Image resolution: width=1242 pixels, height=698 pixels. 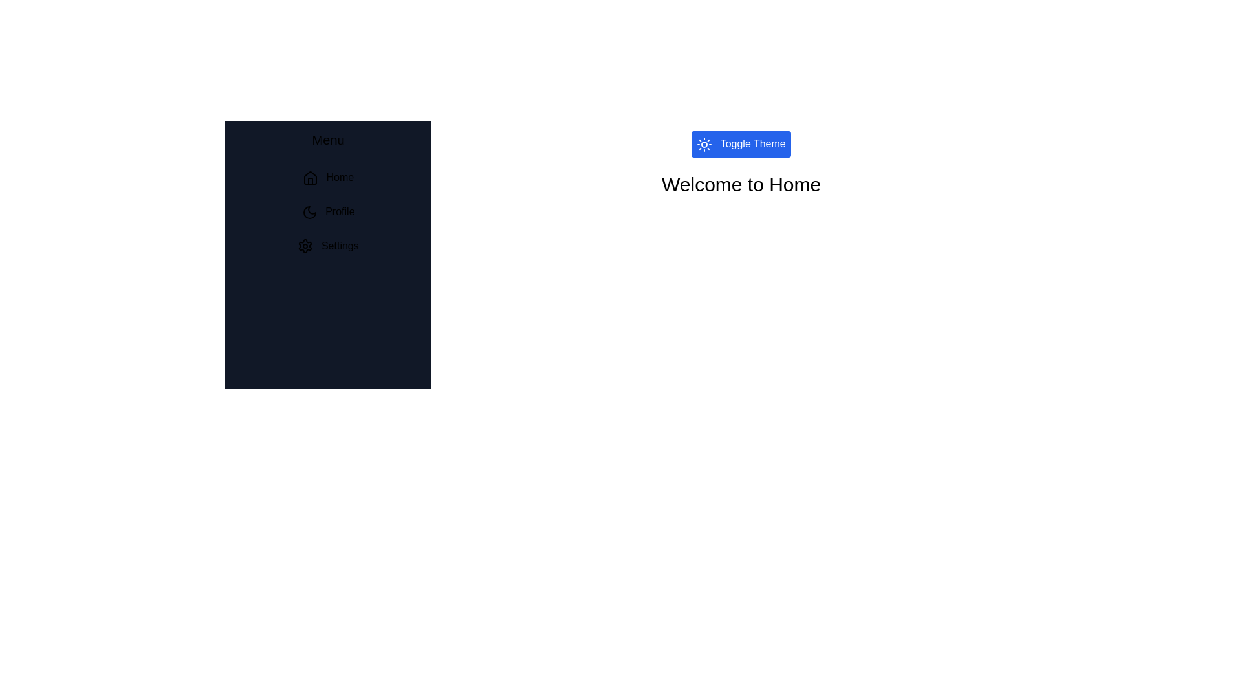 I want to click on the icon next to the menu item Home, so click(x=310, y=178).